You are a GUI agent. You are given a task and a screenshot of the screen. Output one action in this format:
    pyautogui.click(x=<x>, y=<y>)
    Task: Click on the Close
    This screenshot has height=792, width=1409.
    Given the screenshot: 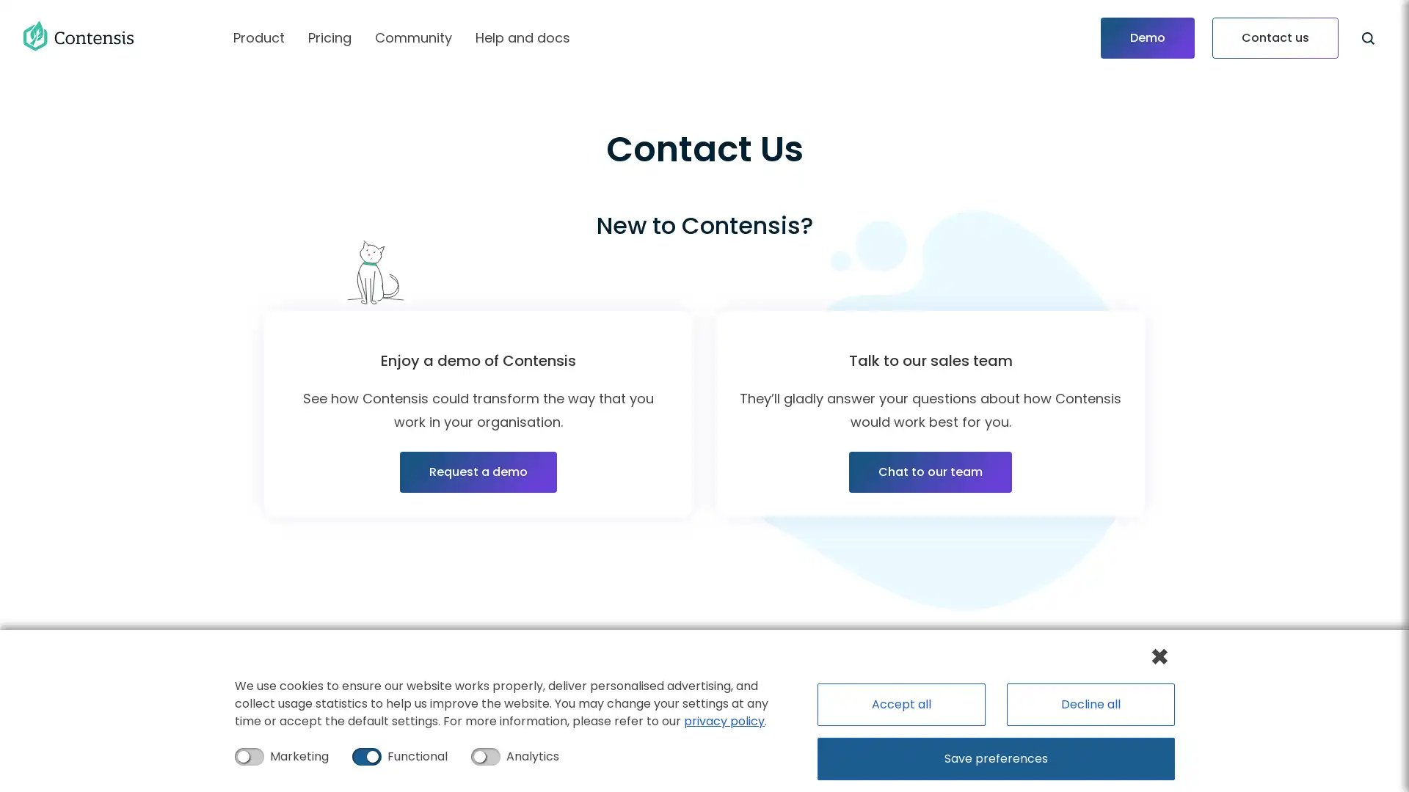 What is the action you would take?
    pyautogui.click(x=1158, y=655)
    